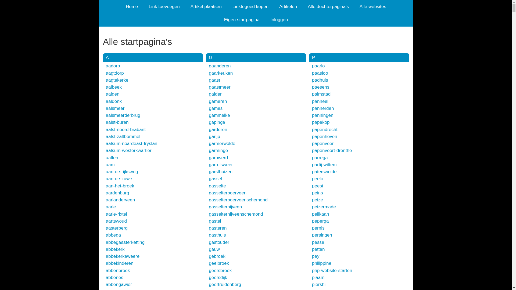 This screenshot has height=290, width=516. What do you see at coordinates (324, 206) in the screenshot?
I see `'peizermade'` at bounding box center [324, 206].